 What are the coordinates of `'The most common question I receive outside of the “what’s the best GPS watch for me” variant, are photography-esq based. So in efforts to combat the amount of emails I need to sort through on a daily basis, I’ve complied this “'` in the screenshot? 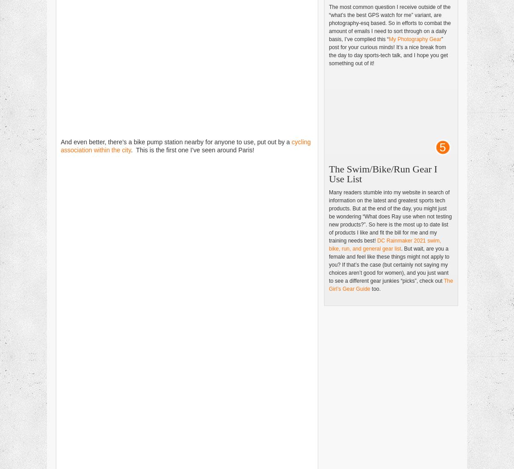 It's located at (329, 22).